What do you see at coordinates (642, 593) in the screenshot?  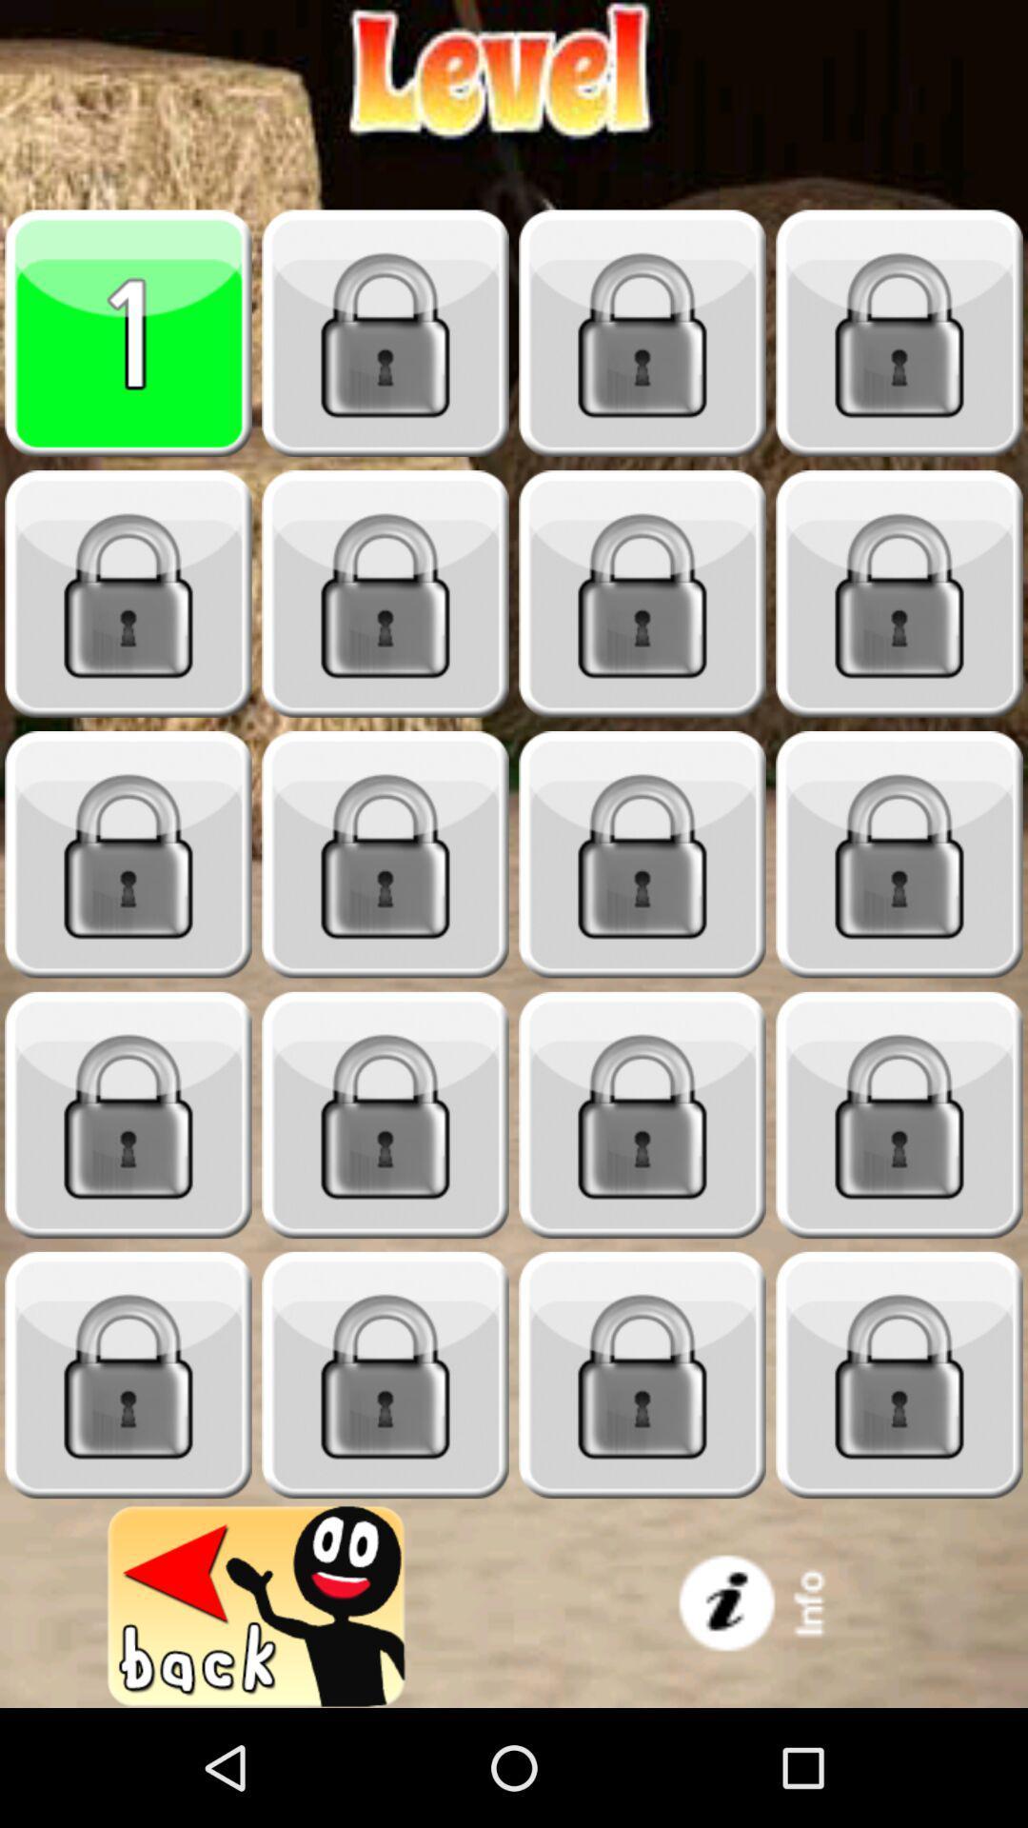 I see `lock button` at bounding box center [642, 593].